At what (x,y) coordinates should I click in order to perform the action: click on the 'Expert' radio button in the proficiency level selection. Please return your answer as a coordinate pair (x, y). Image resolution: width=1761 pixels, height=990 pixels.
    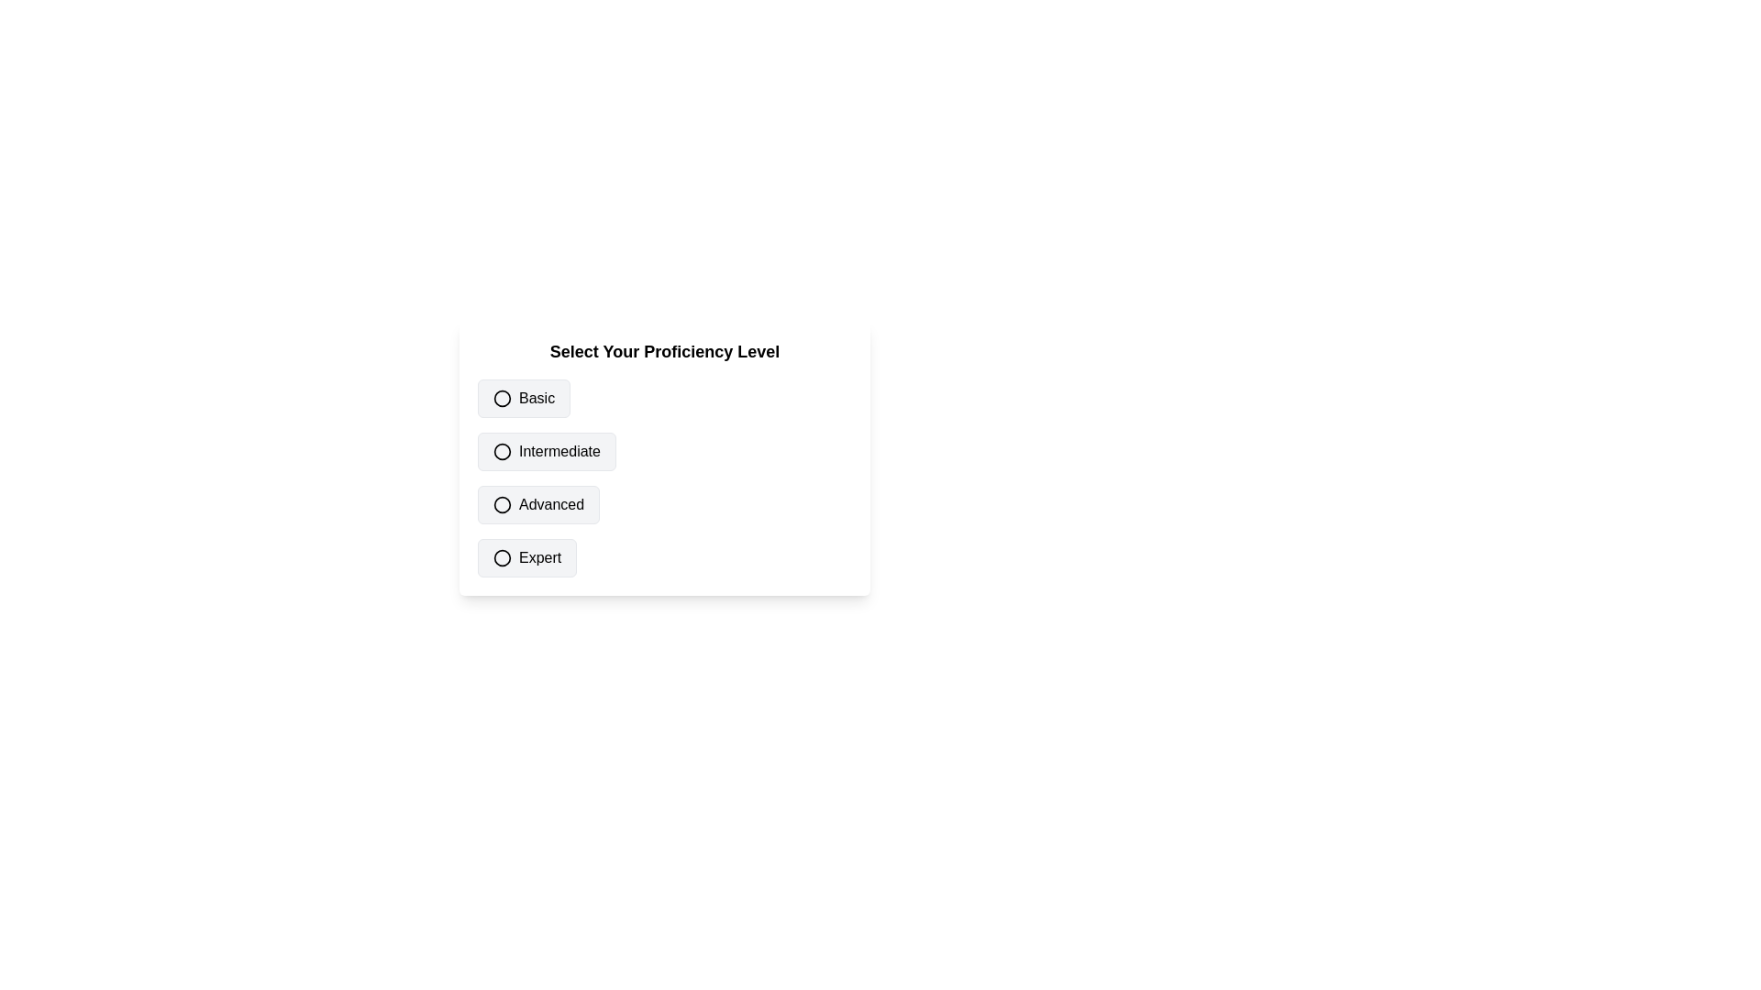
    Looking at the image, I should click on (663, 557).